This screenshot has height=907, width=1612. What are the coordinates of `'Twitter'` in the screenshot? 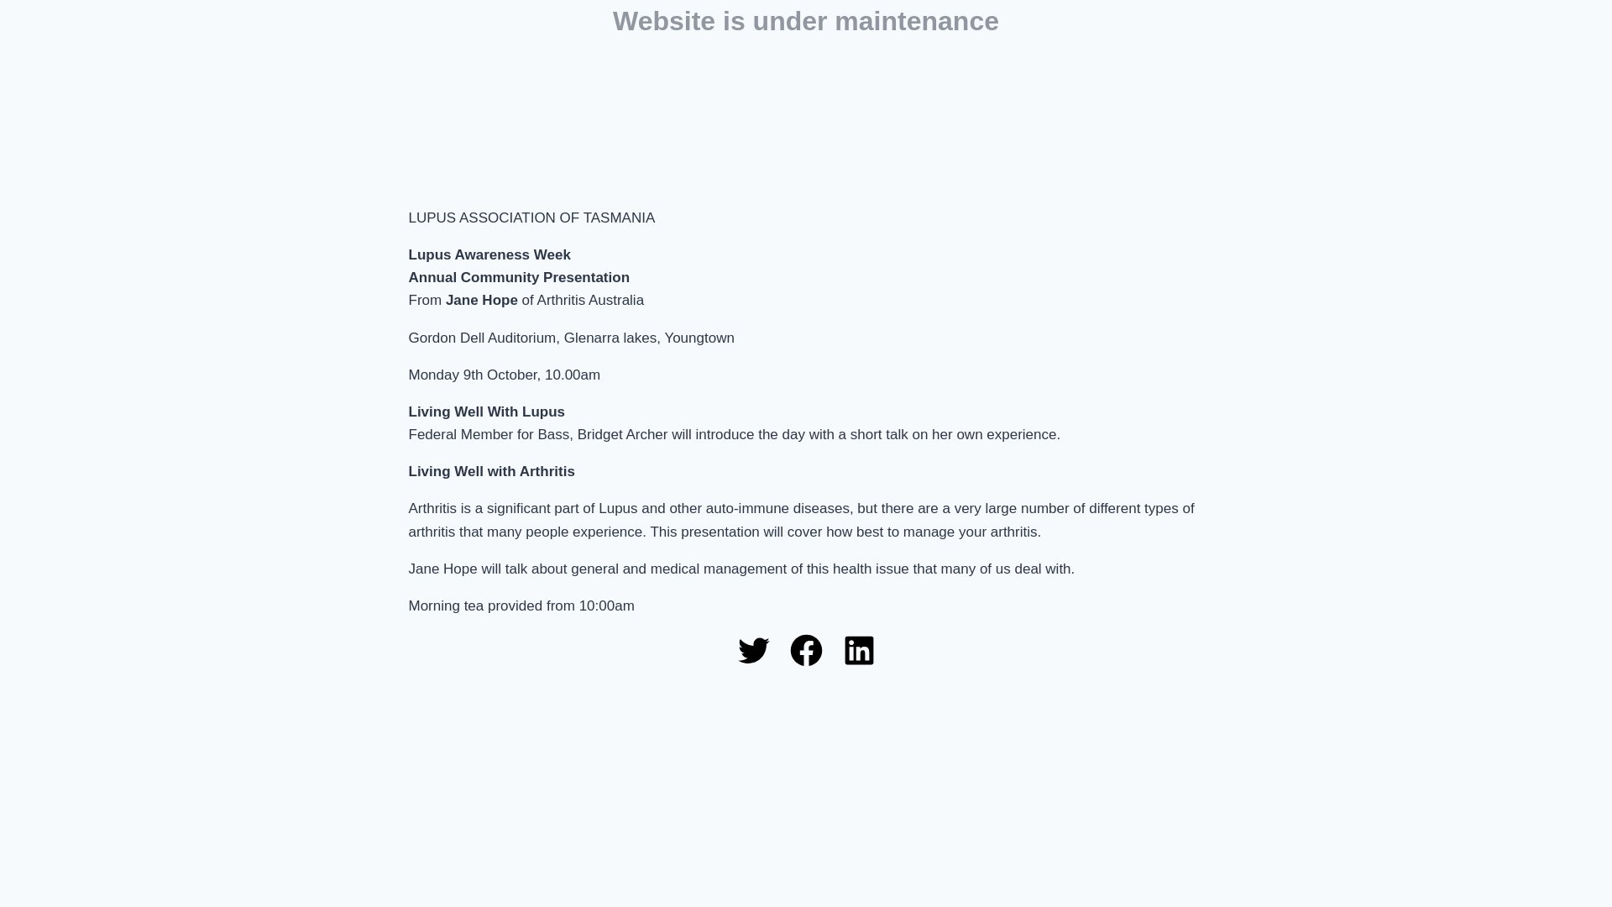 It's located at (751, 649).